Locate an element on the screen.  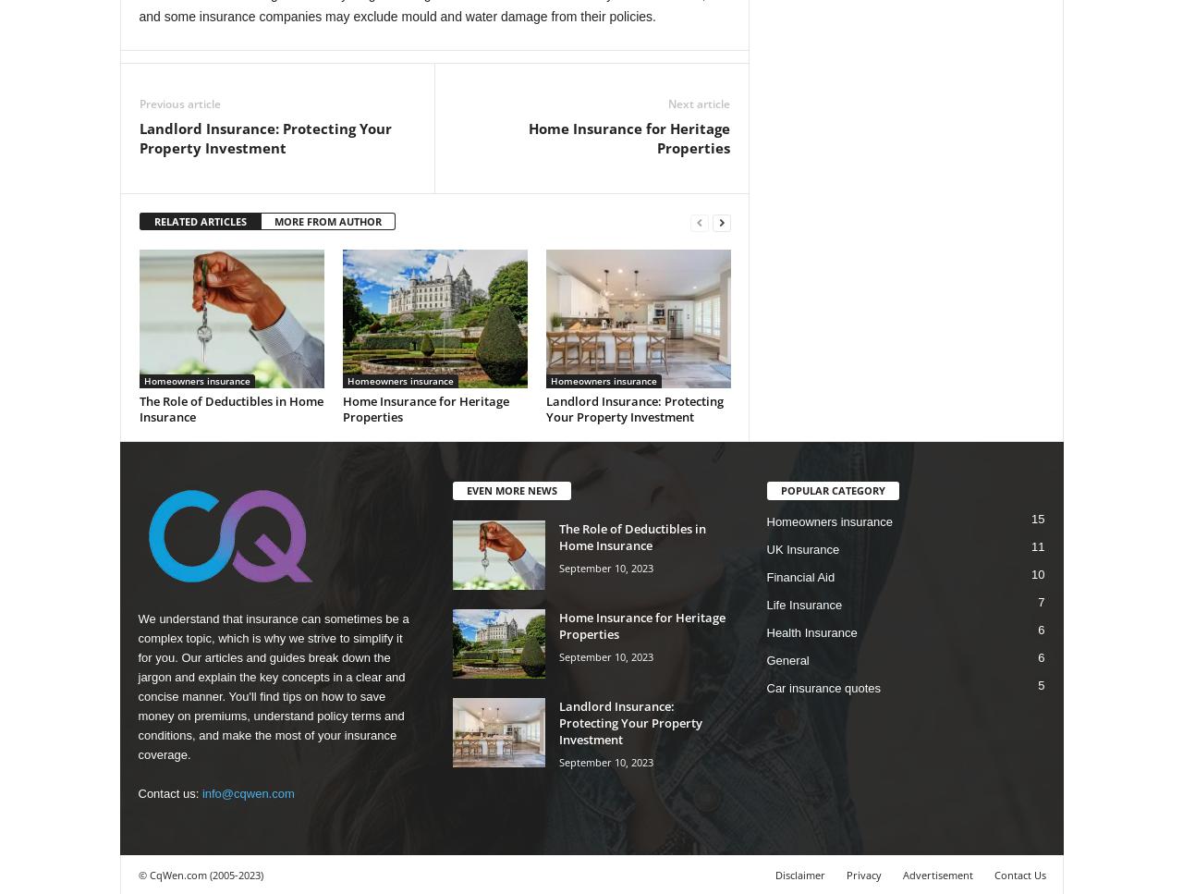
'Next article' is located at coordinates (697, 104).